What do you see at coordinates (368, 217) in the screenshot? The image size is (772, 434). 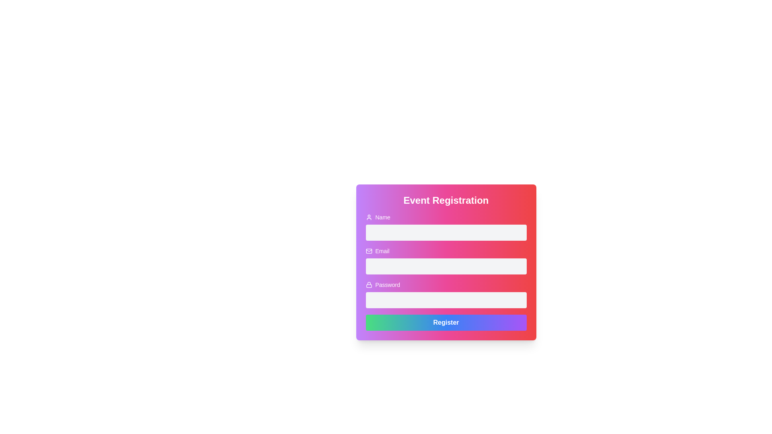 I see `the icon that visually indicates the input field for entering the user's name, located to the left of the 'Name' label` at bounding box center [368, 217].